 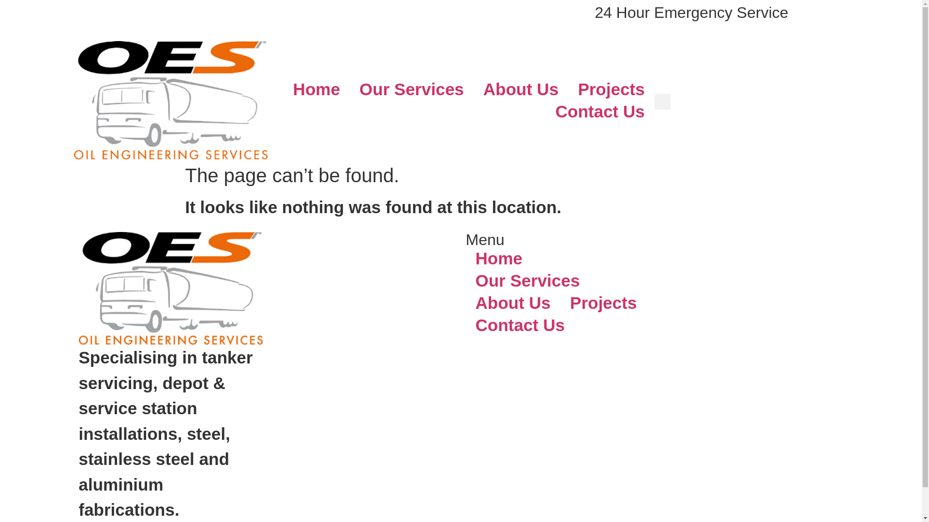 I want to click on 'Our Services', so click(x=411, y=89).